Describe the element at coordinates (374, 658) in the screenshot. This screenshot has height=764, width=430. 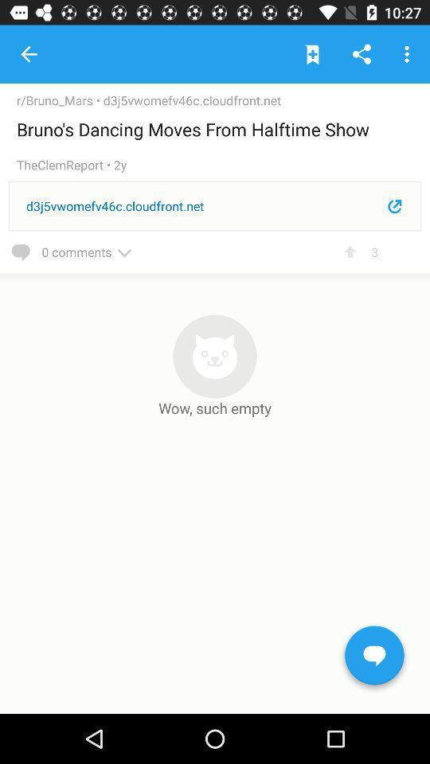
I see `start chat` at that location.